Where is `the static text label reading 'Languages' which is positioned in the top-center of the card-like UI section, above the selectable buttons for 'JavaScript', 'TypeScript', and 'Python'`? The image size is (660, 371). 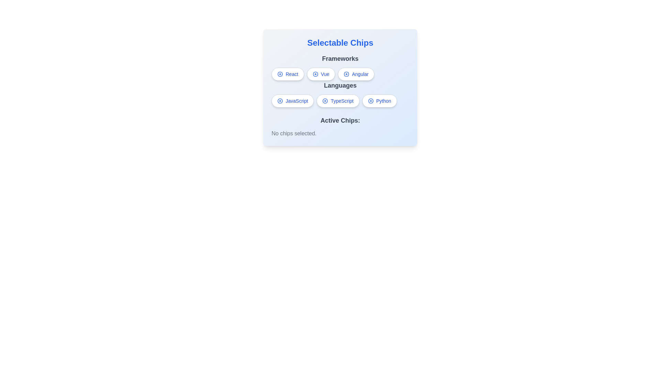
the static text label reading 'Languages' which is positioned in the top-center of the card-like UI section, above the selectable buttons for 'JavaScript', 'TypeScript', and 'Python' is located at coordinates (340, 85).